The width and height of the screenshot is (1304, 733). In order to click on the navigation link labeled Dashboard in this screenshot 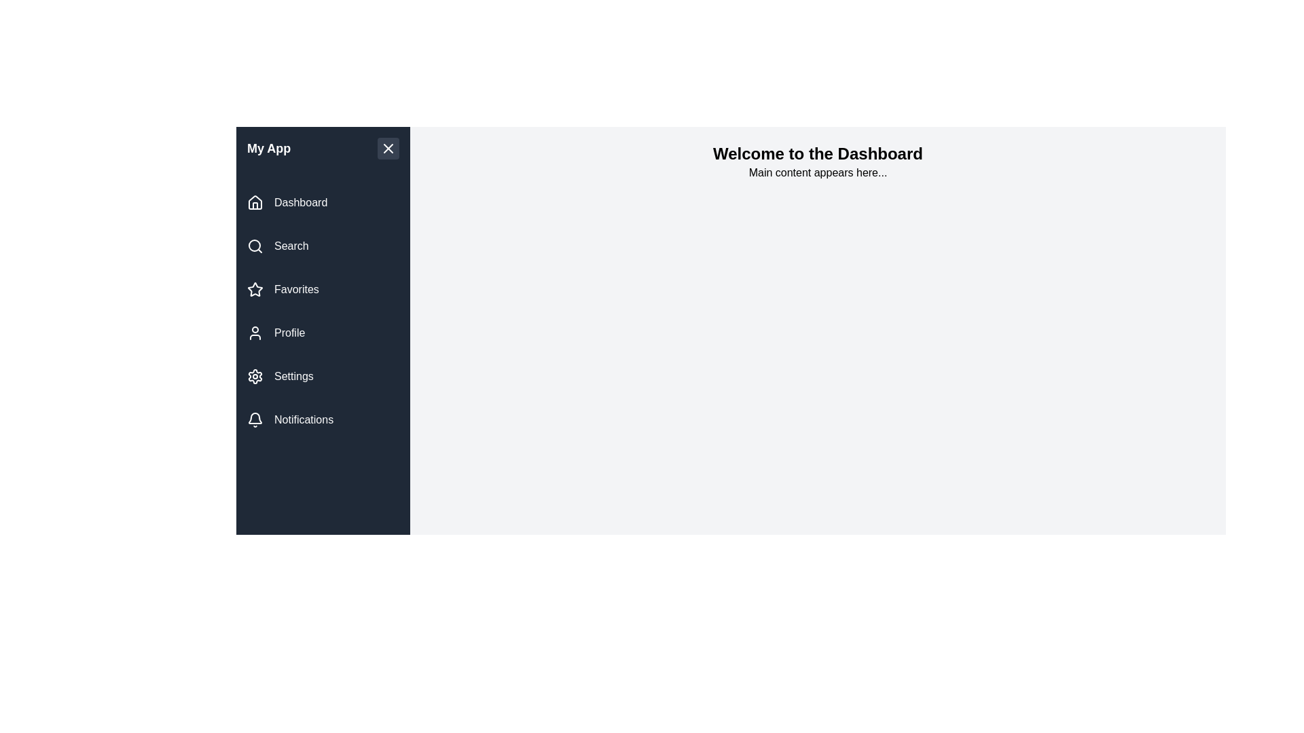, I will do `click(322, 203)`.